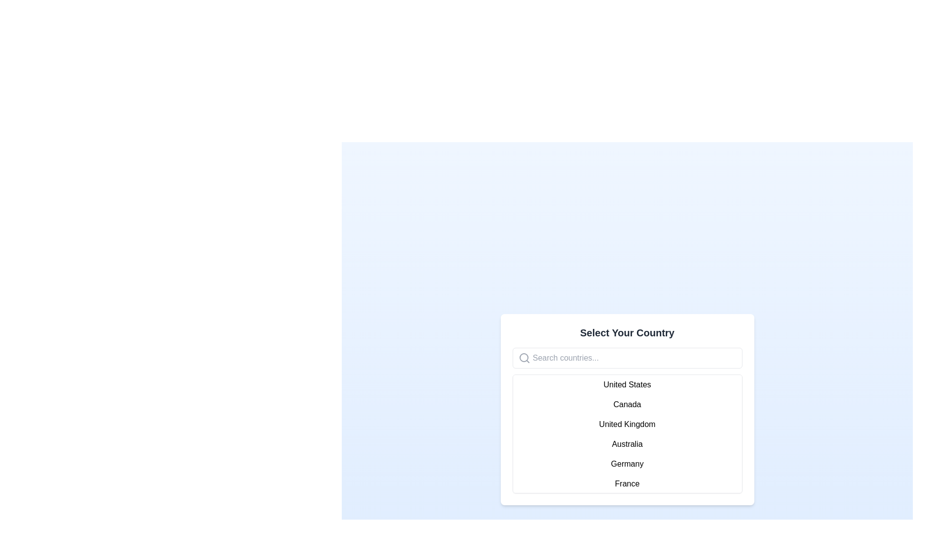 The width and height of the screenshot is (951, 535). Describe the element at coordinates (627, 464) in the screenshot. I see `the selectable list item labeled 'Germany', which is the fifth option in the dropdown menu under 'Select Your Country'` at that location.